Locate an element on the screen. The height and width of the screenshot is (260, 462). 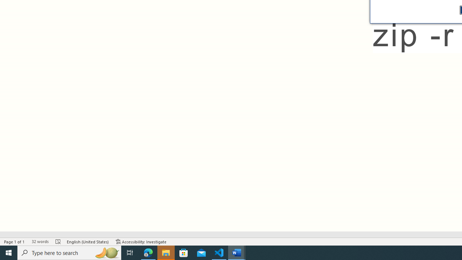
'Word - 2 running windows' is located at coordinates (237, 252).